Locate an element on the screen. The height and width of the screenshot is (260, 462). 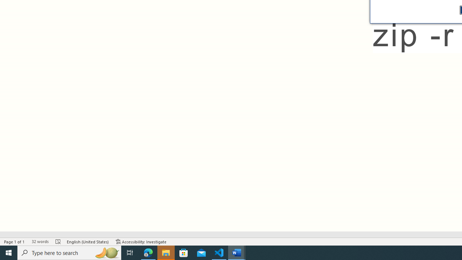
'Word - 2 running windows' is located at coordinates (237, 252).